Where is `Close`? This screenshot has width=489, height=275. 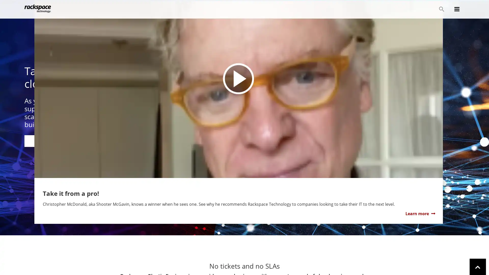 Close is located at coordinates (480, 264).